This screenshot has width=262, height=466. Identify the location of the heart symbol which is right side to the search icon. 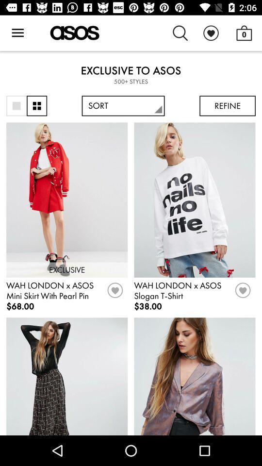
(211, 33).